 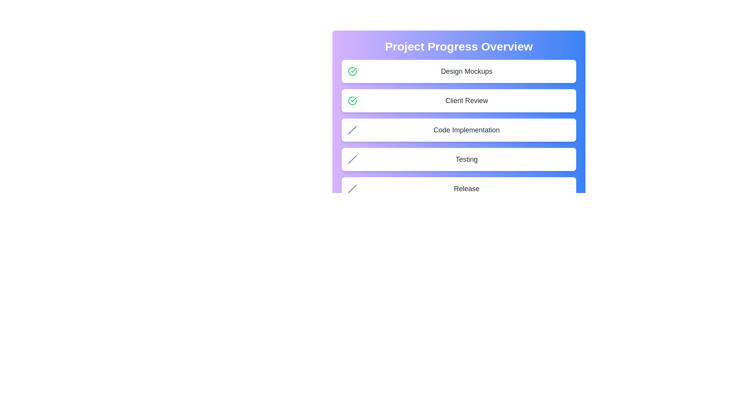 What do you see at coordinates (466, 71) in the screenshot?
I see `the title label in the progress tracker, located at the center-right of the card alongside a green check mark icon` at bounding box center [466, 71].